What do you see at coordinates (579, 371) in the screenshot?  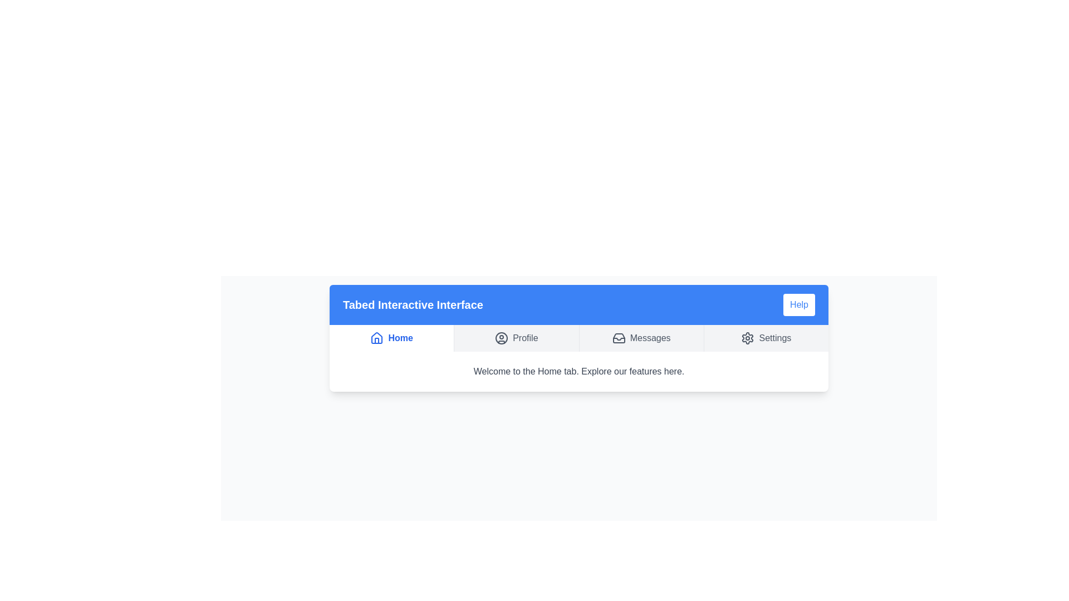 I see `the static text label that states 'Welcome to the Home tab. Explore our features here.', which is styled with a gray font color and located just below the navigation bar` at bounding box center [579, 371].